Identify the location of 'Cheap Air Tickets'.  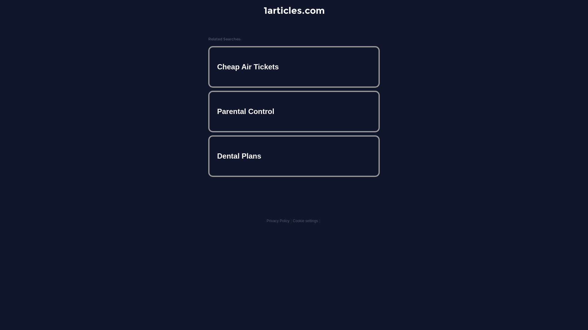
(294, 67).